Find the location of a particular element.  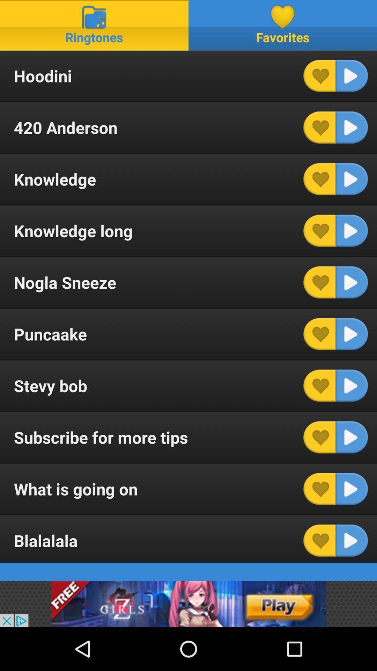

this track is located at coordinates (352, 489).